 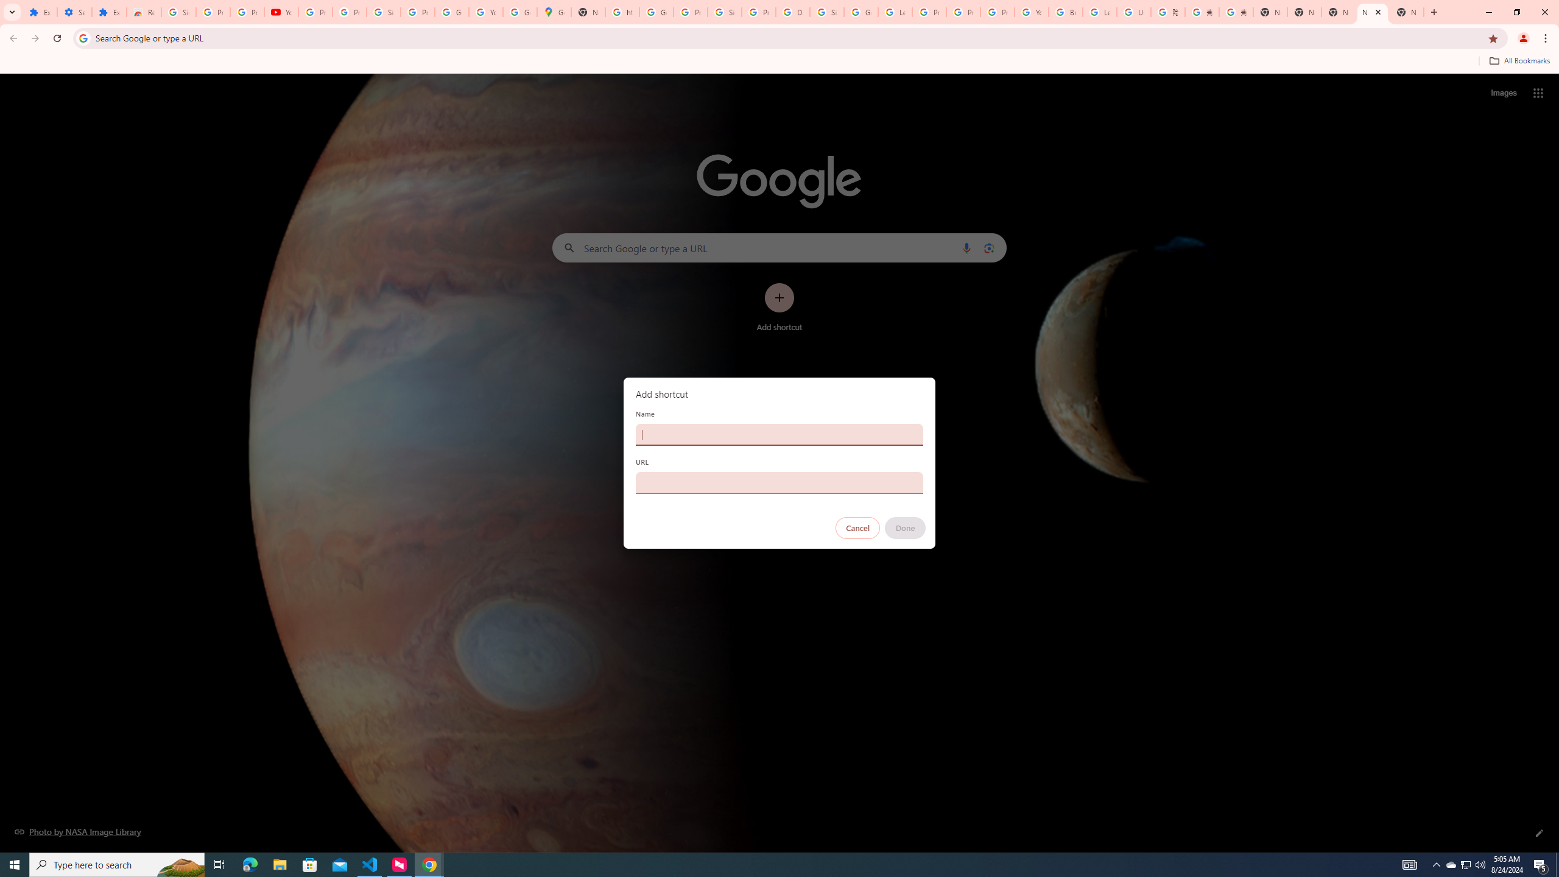 What do you see at coordinates (82, 37) in the screenshot?
I see `'Search icon'` at bounding box center [82, 37].